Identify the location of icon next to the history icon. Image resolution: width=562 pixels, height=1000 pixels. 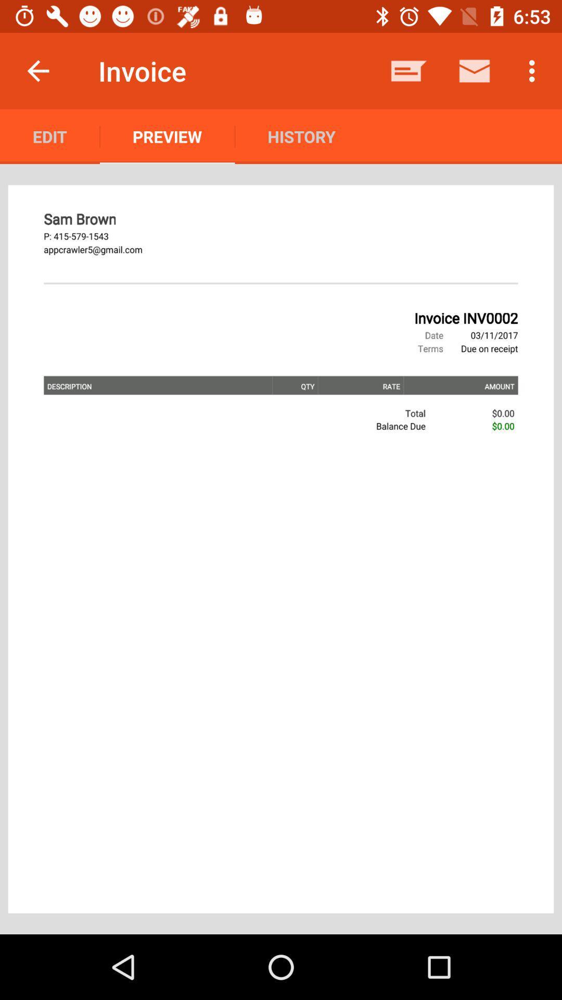
(408, 70).